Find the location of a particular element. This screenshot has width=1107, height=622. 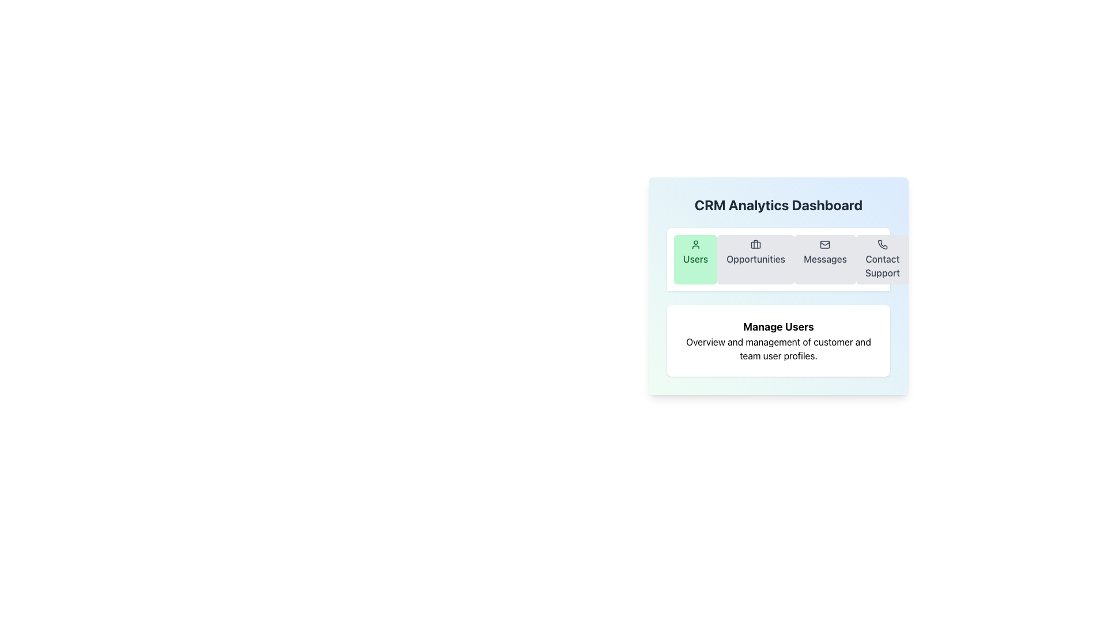

the informational text element that describes the user management feature, located beneath the 'Manage Users' heading is located at coordinates (778, 348).